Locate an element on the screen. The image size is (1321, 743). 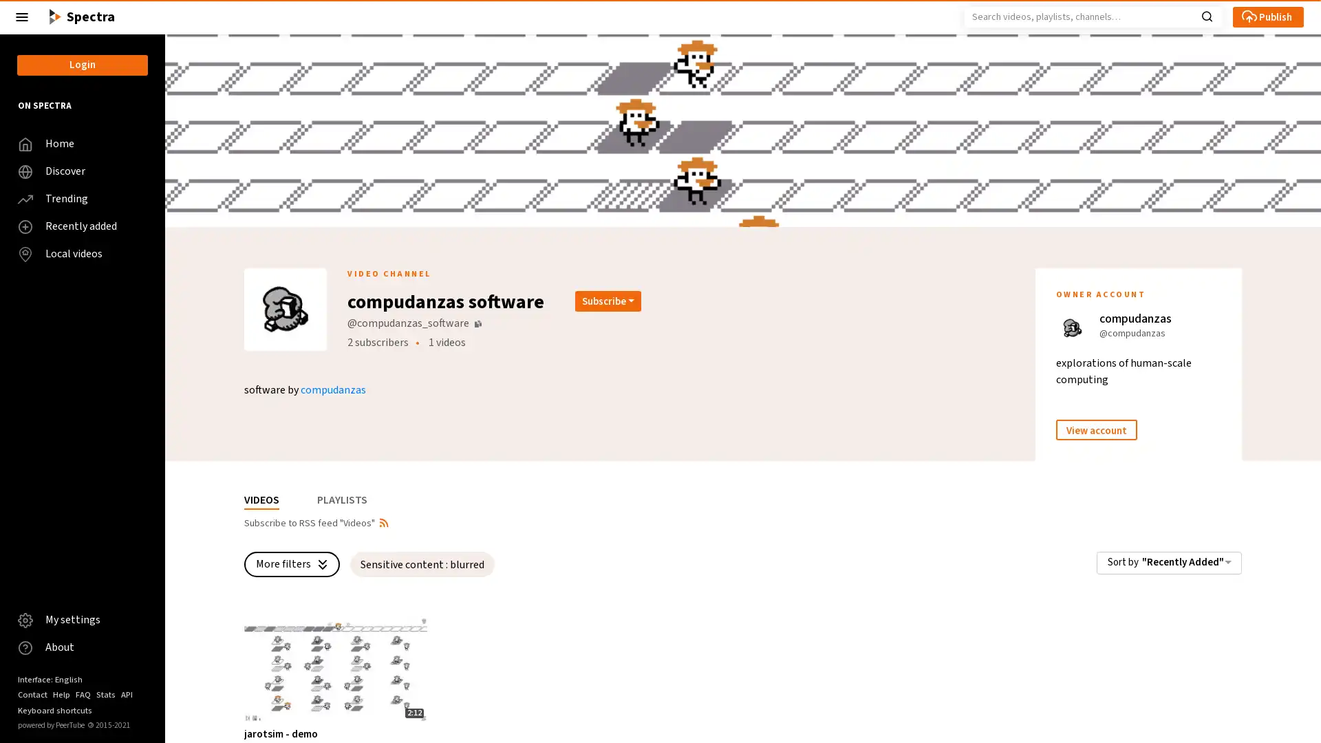
Open subscription dropdown is located at coordinates (607, 299).